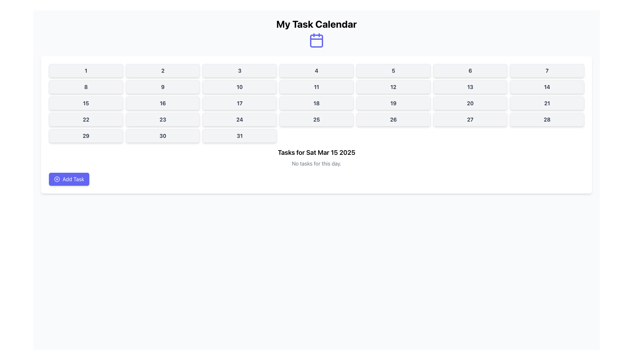  Describe the element at coordinates (470, 86) in the screenshot. I see `the button representing the 13th day in the calendar interface` at that location.